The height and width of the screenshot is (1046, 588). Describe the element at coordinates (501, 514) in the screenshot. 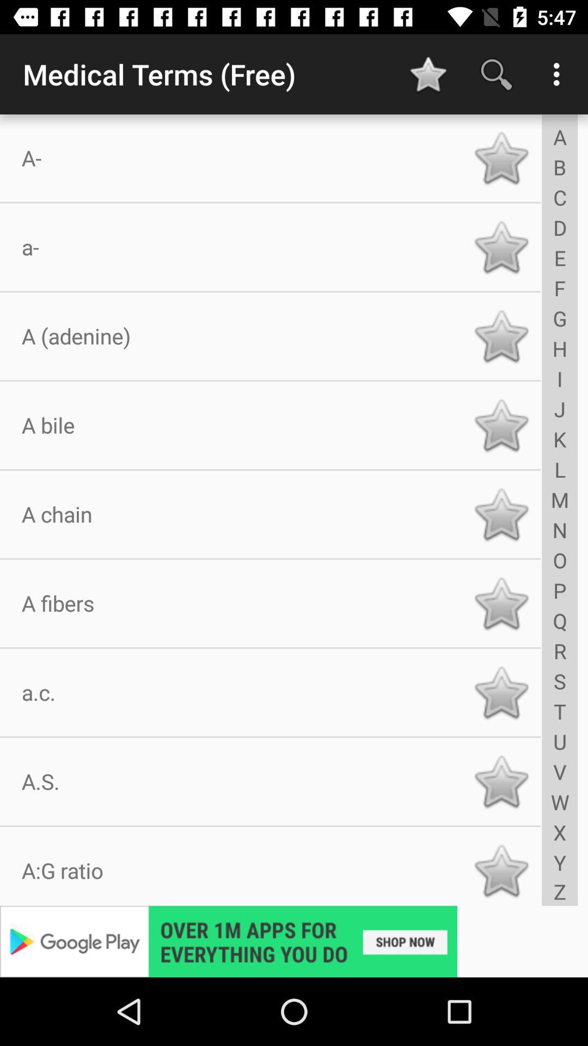

I see `save button` at that location.